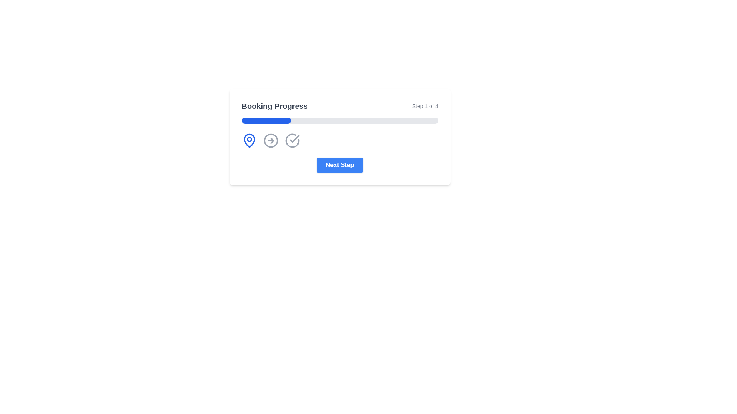  Describe the element at coordinates (266, 121) in the screenshot. I see `the Progress bar segment representing 25% completion within the 'Booking Progress' card` at that location.